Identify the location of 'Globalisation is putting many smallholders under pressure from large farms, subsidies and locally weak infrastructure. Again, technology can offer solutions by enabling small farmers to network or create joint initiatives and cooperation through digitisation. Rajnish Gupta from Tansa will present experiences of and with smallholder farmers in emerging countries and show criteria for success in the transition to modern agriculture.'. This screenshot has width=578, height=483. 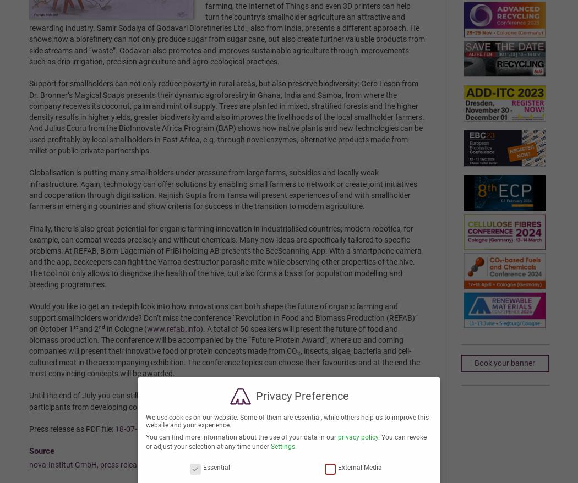
(28, 189).